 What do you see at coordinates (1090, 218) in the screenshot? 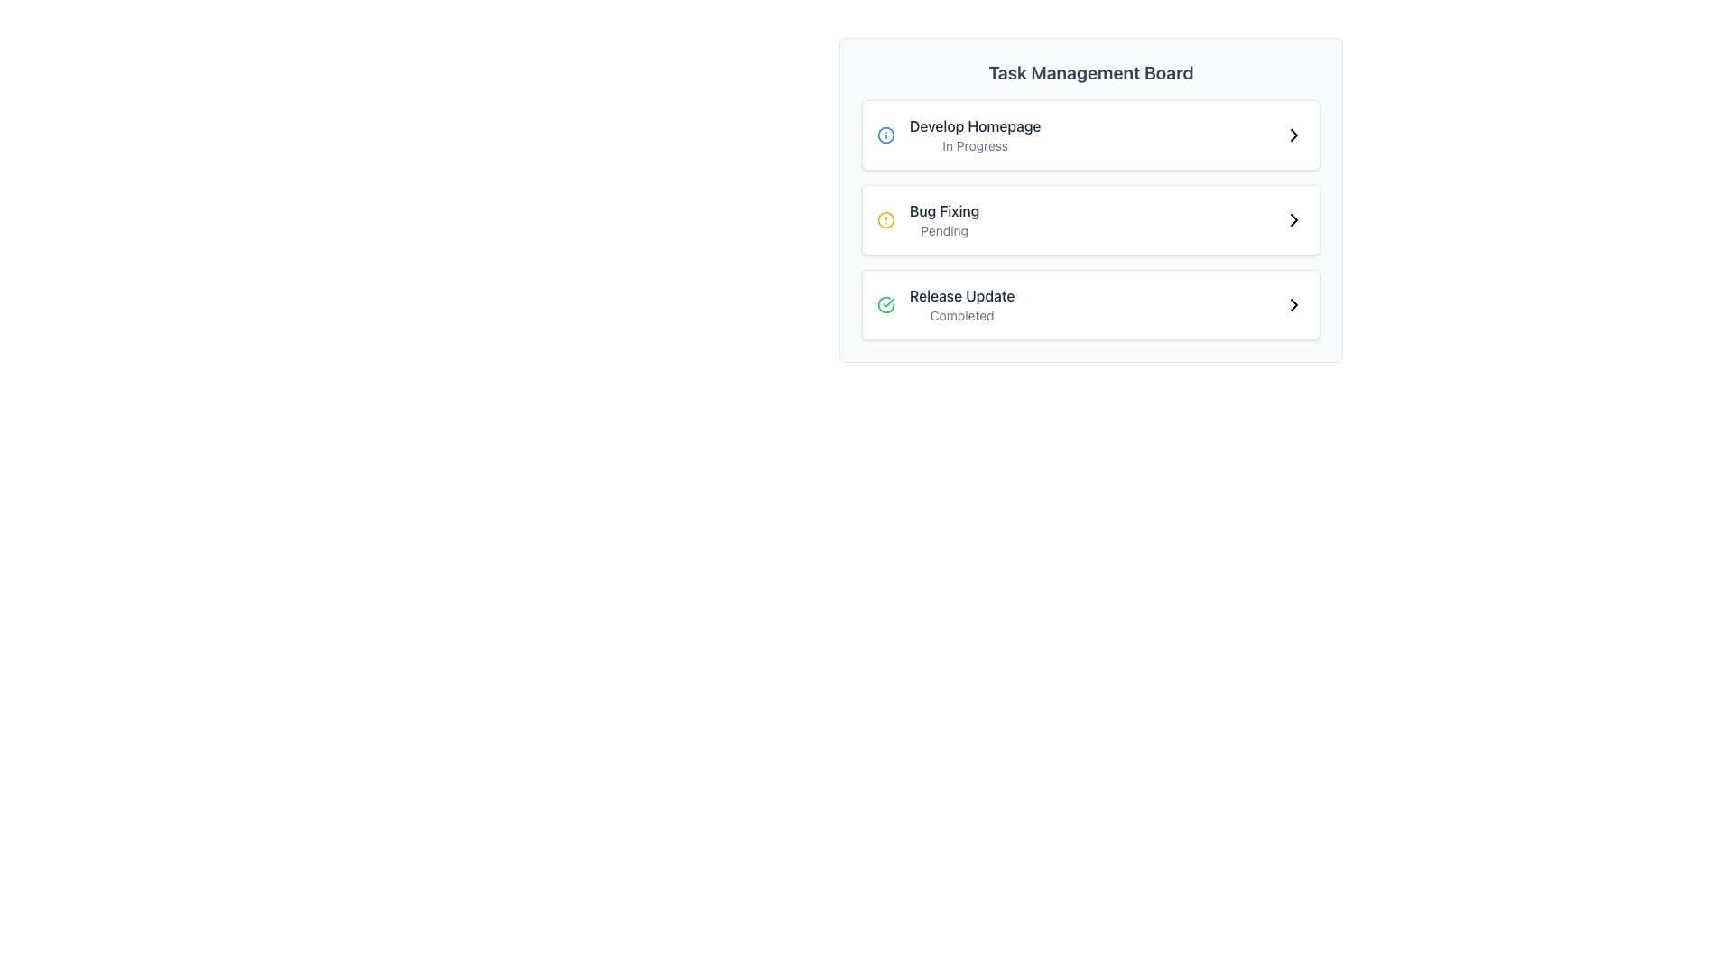
I see `the second card labeled 'Bug Fixing' with a status of 'Pending' in the Task Management Board` at bounding box center [1090, 218].